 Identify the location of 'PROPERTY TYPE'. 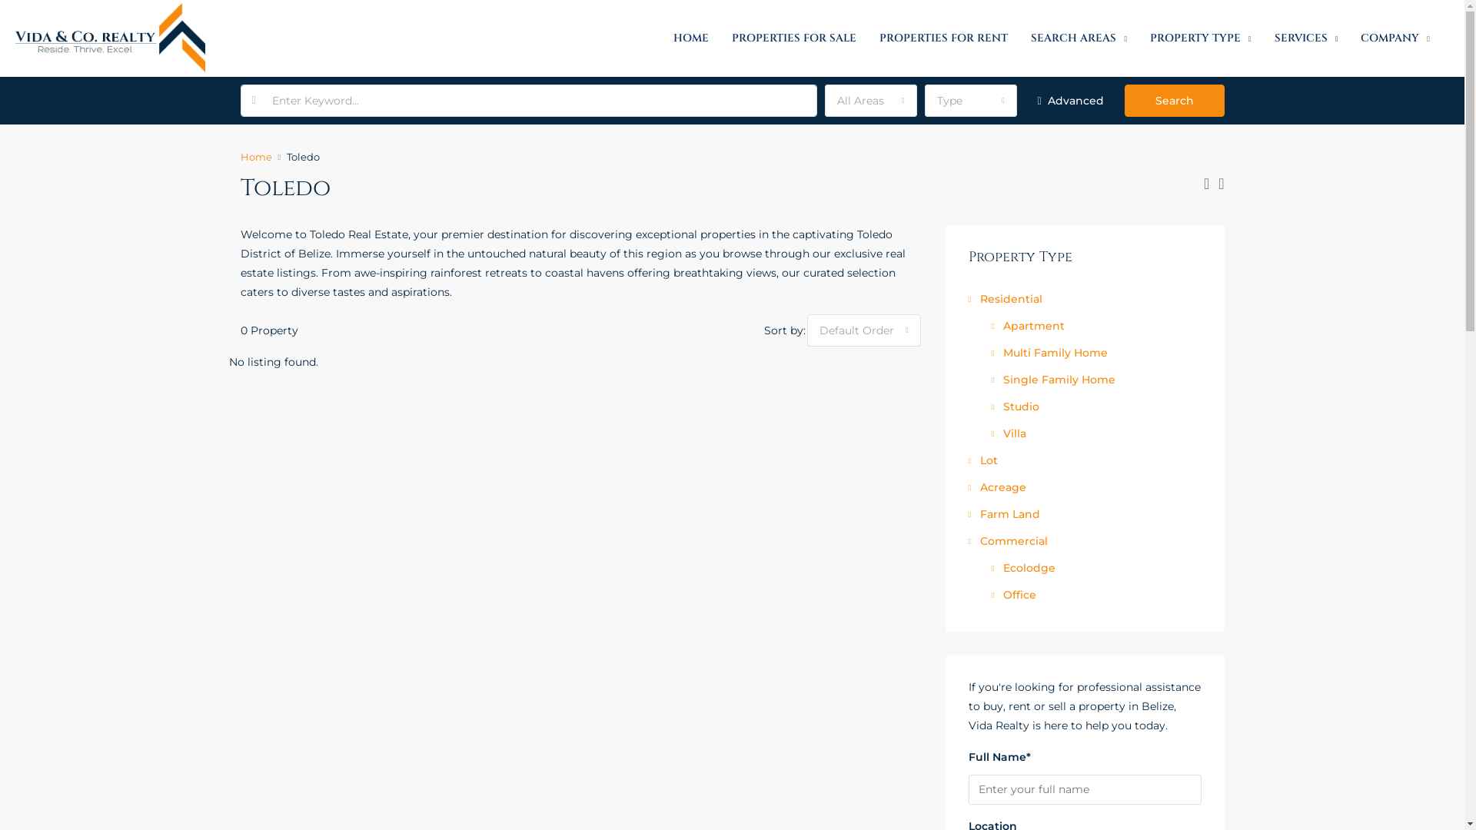
(1199, 38).